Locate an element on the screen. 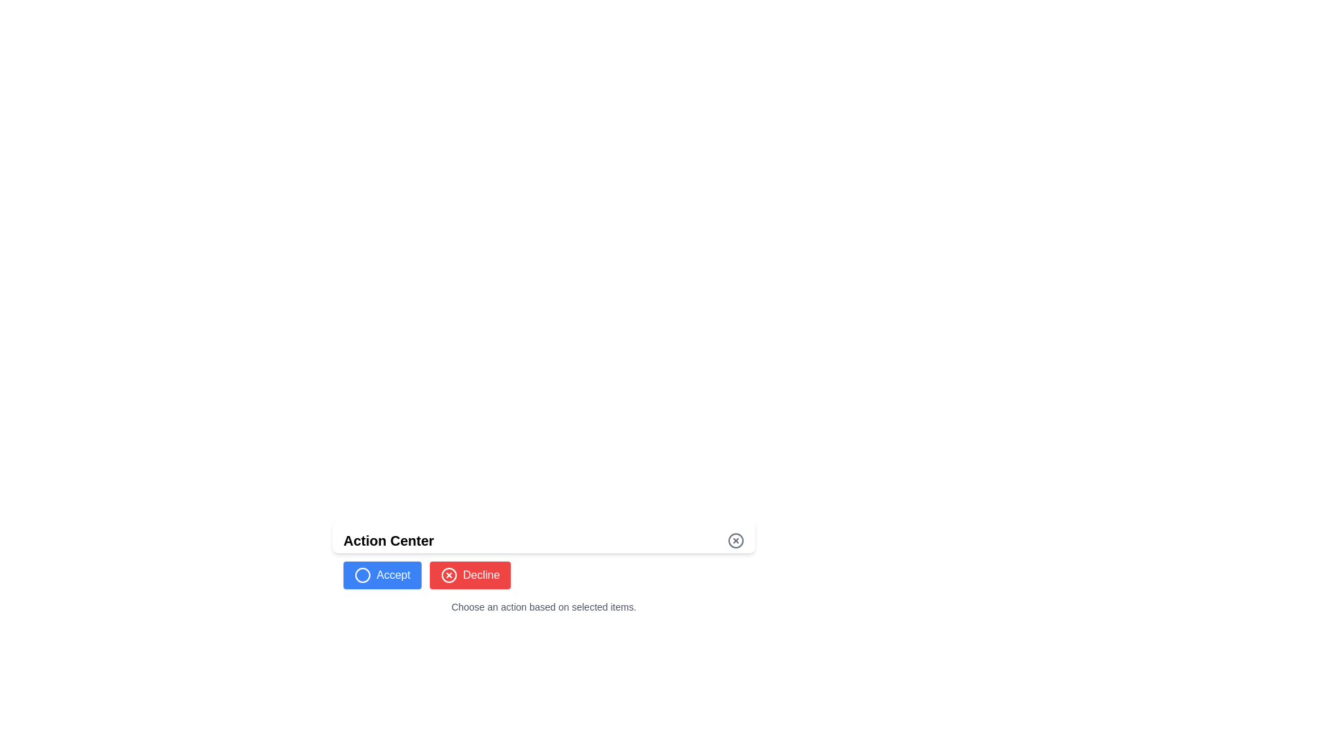 This screenshot has width=1327, height=746. the instructional text label stating 'Choose an action based on selected items.' which is positioned beneath the 'Accept' and 'Decline' buttons is located at coordinates (543, 606).